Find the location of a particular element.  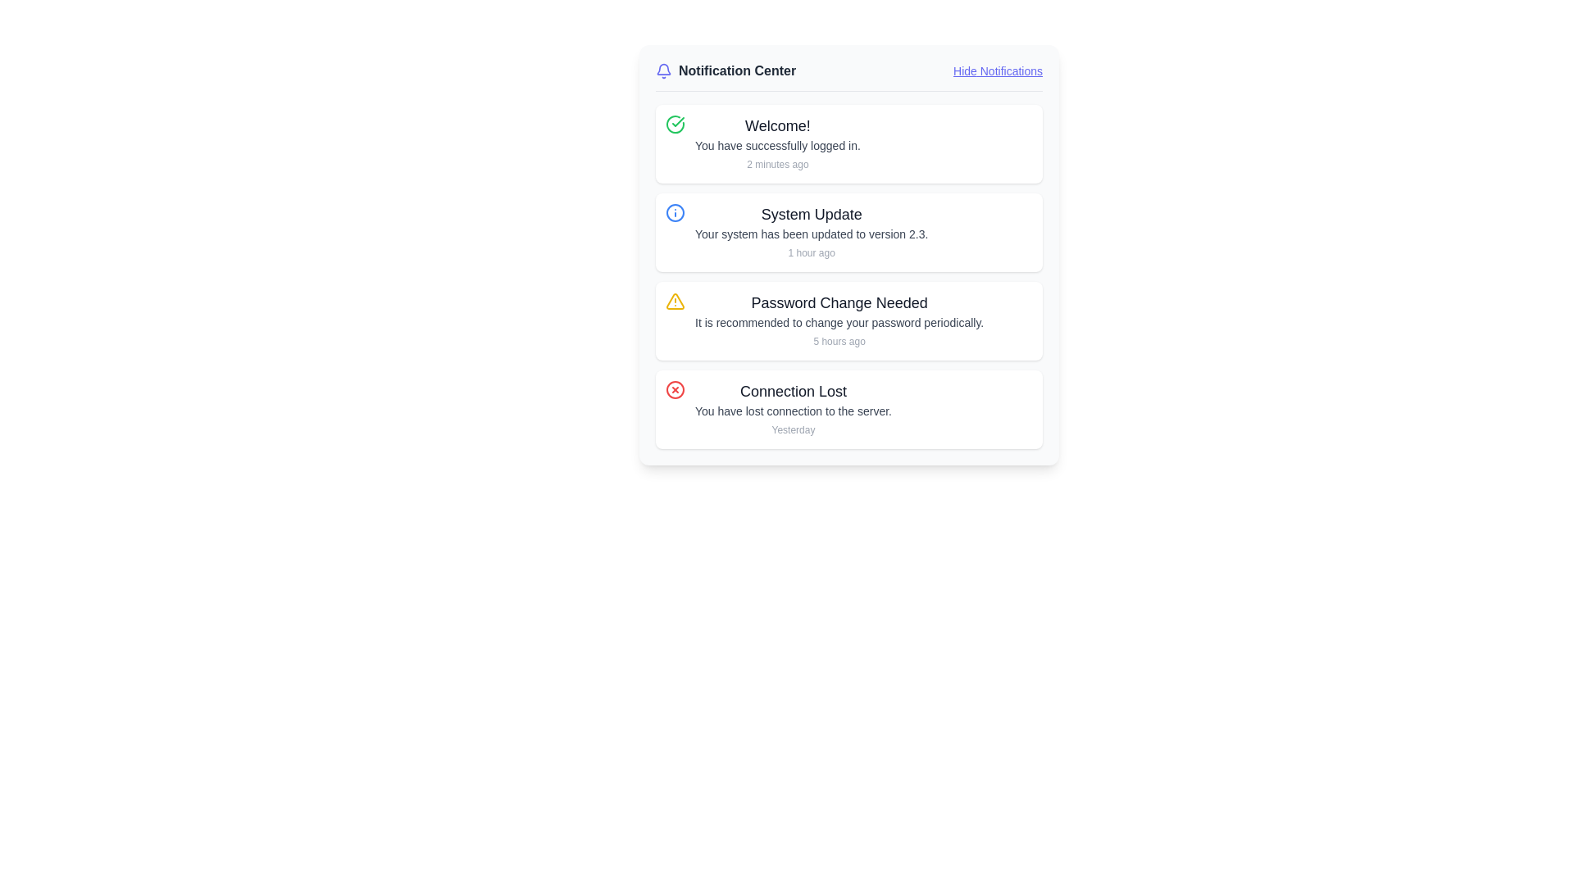

the 'Welcome!' text label in bold, dark gray font located at the top of the notification card in the Notification Center is located at coordinates (776, 125).